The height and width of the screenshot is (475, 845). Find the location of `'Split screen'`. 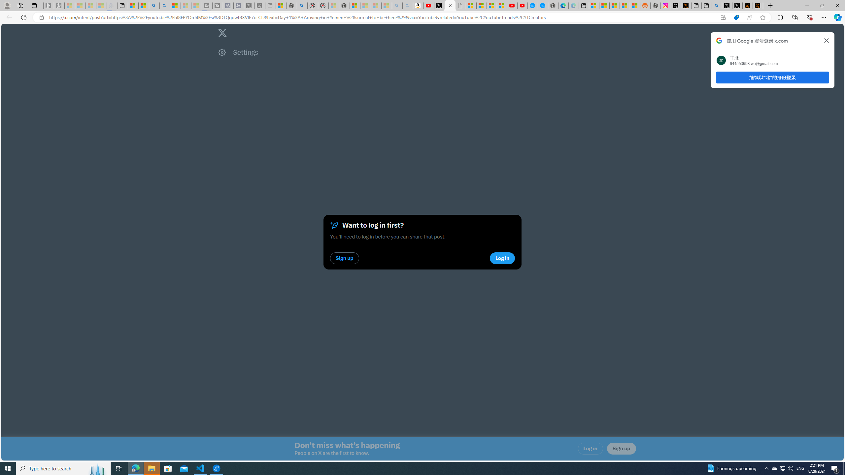

'Split screen' is located at coordinates (780, 17).